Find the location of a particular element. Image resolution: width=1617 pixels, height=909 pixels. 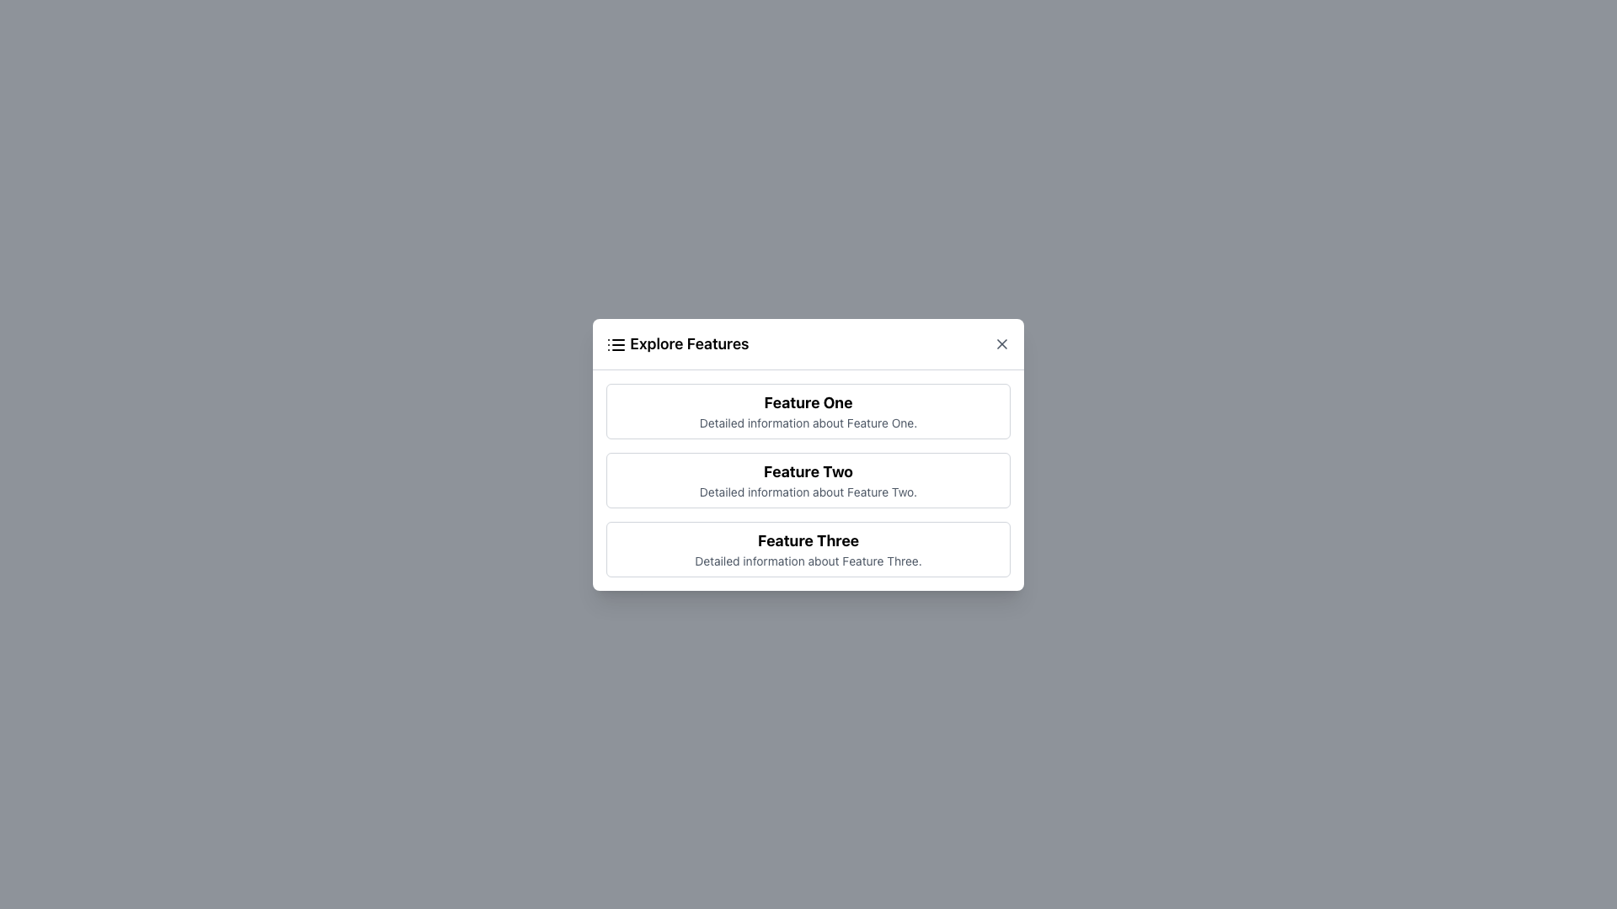

the 'X' icon close button located in the top-right corner of the header section is located at coordinates (1002, 343).